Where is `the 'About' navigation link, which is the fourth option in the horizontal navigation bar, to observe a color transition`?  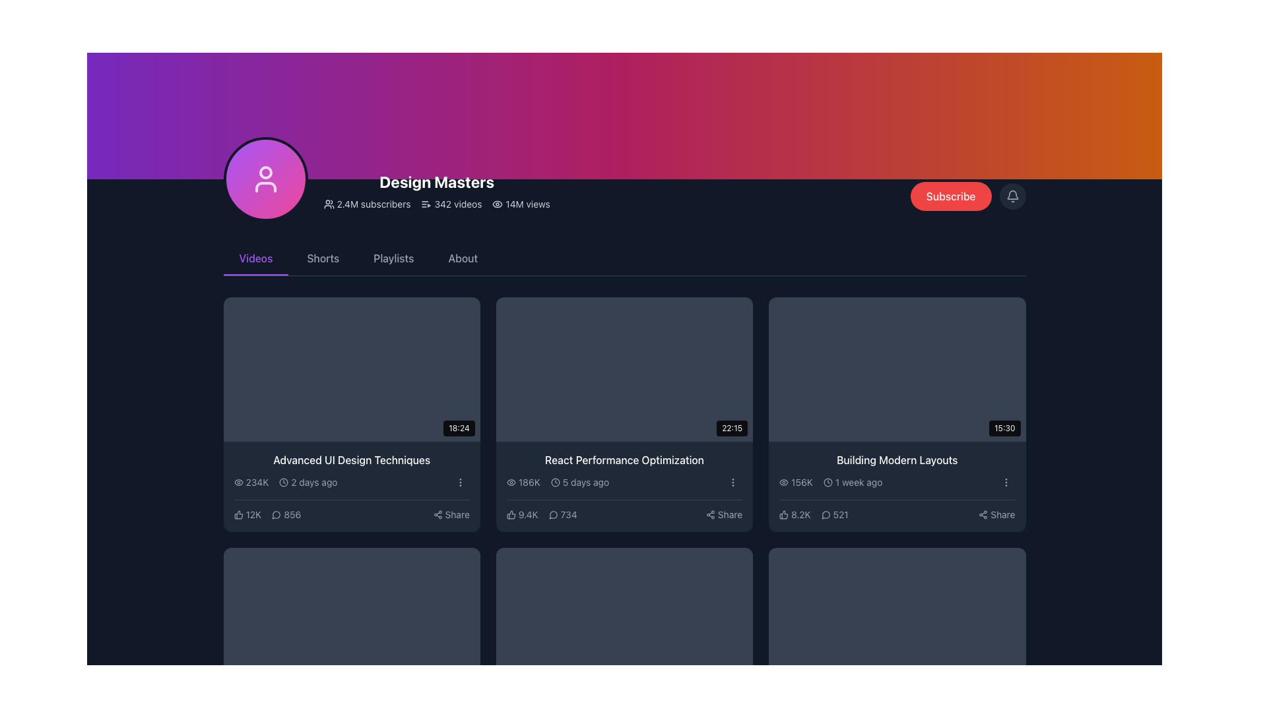 the 'About' navigation link, which is the fourth option in the horizontal navigation bar, to observe a color transition is located at coordinates (463, 259).